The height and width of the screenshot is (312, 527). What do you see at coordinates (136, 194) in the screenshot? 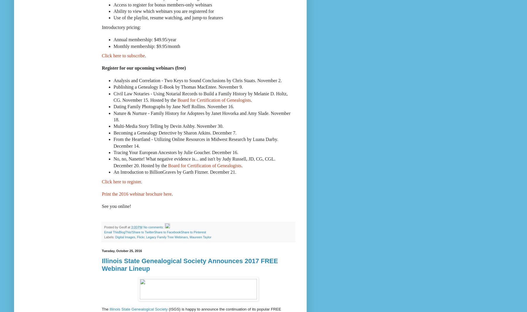
I see `'Print the 2016 webinar brochure here'` at bounding box center [136, 194].